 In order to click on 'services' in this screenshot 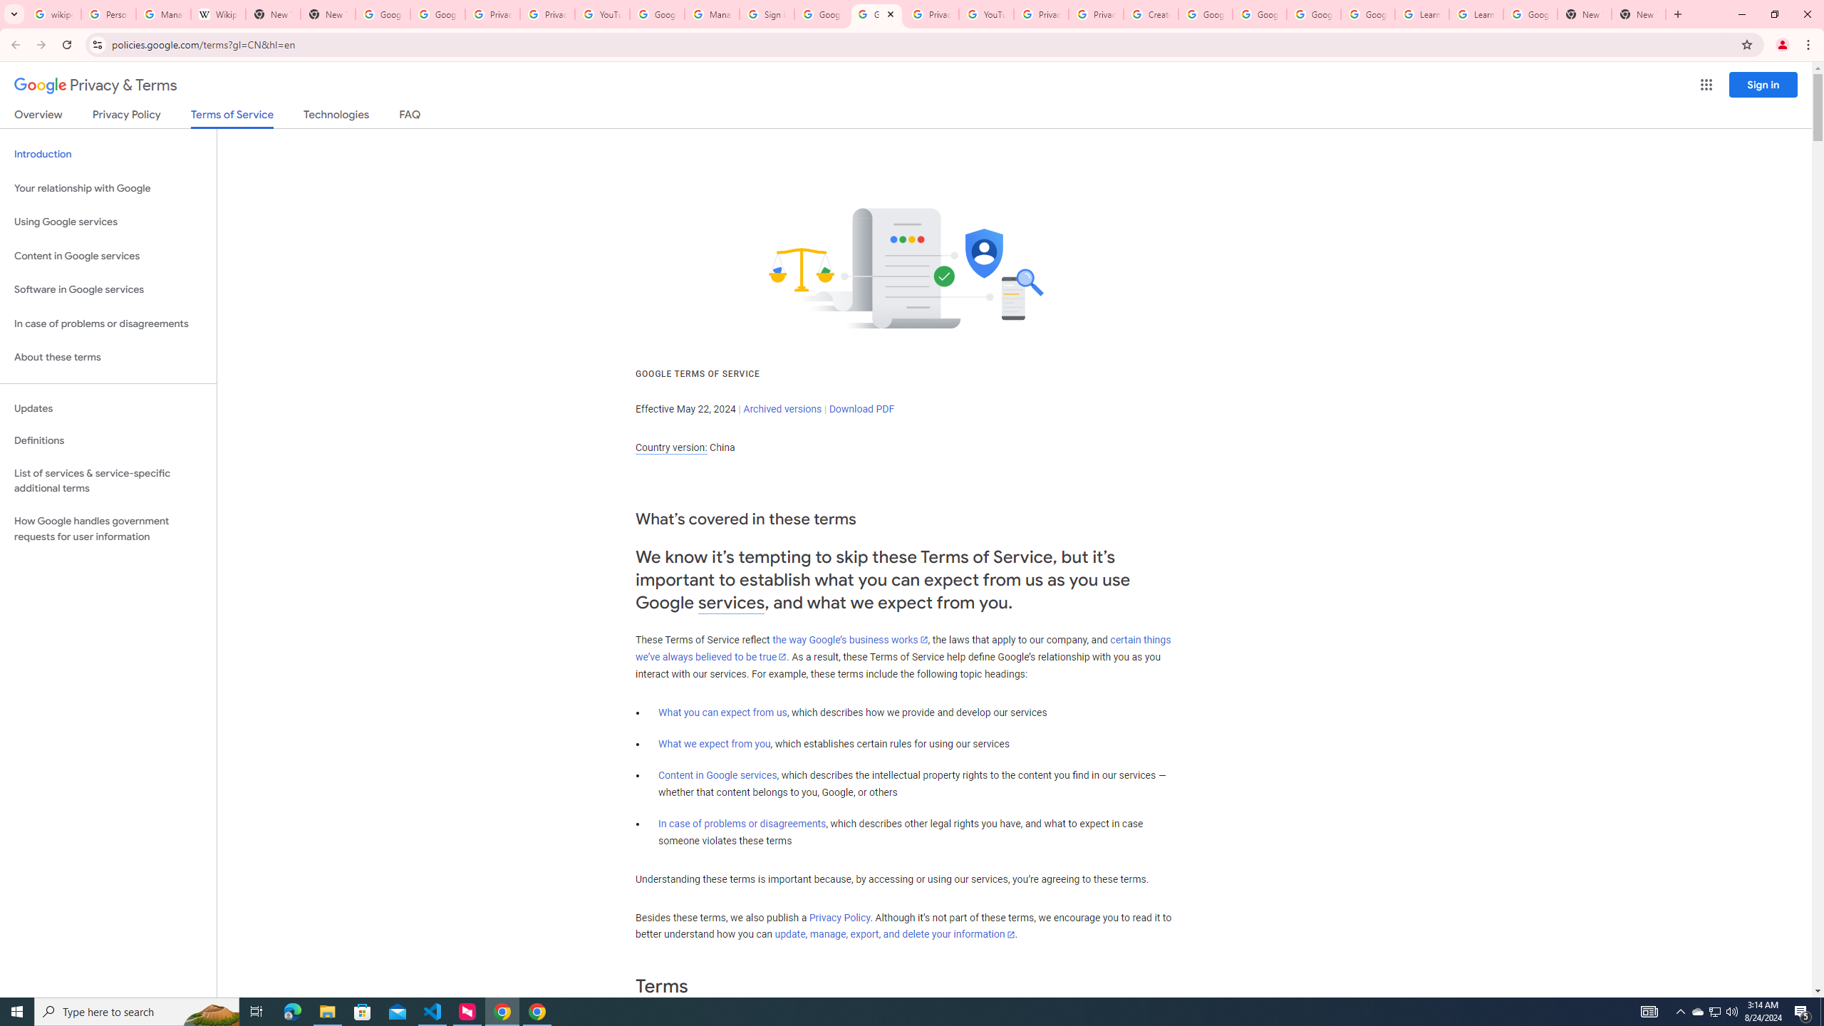, I will do `click(731, 603)`.